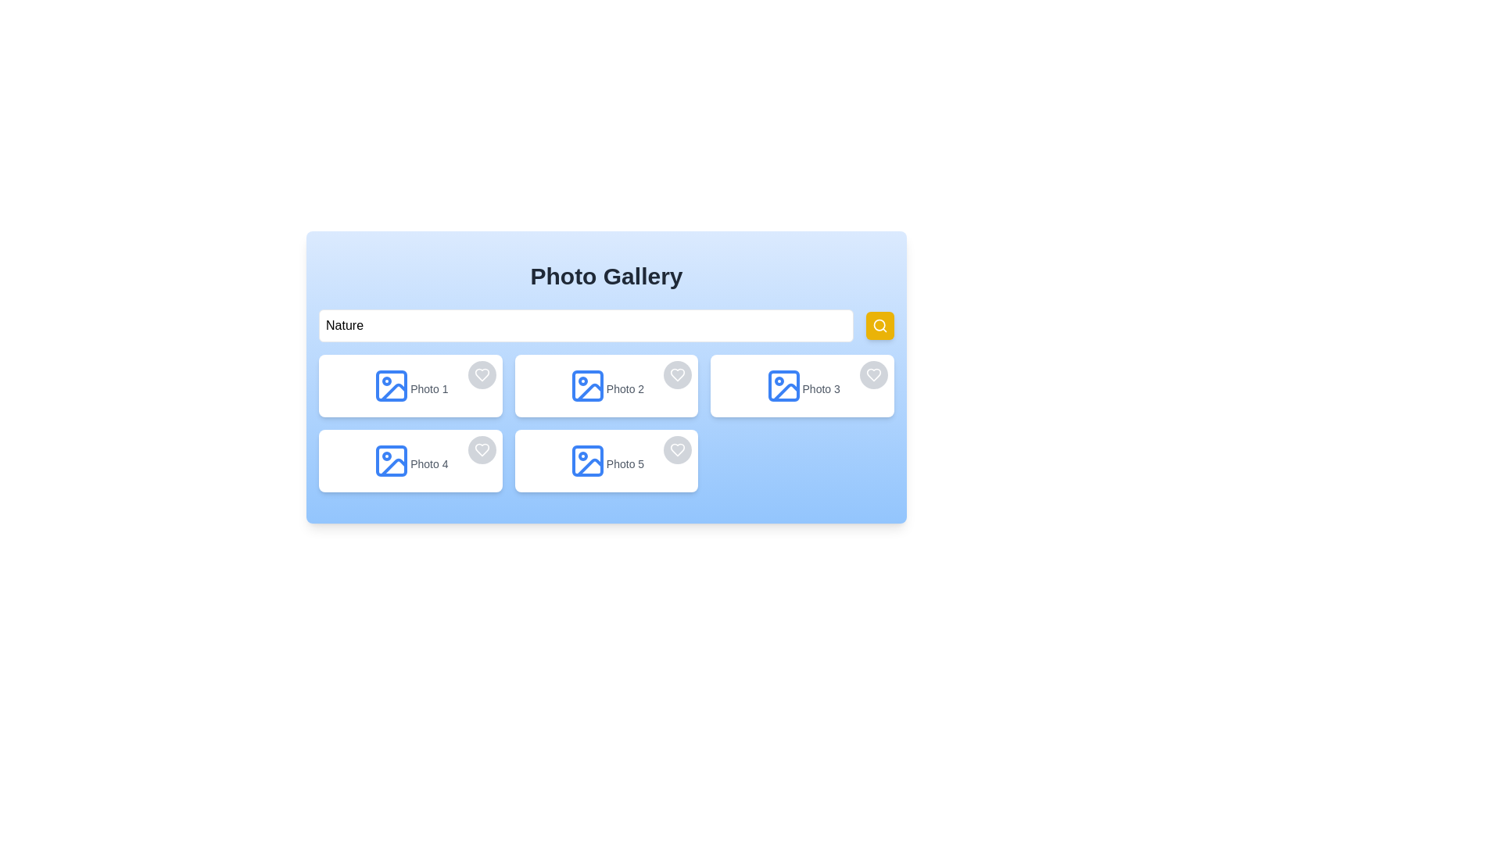 The width and height of the screenshot is (1501, 844). Describe the element at coordinates (678, 374) in the screenshot. I see `the floating 'like' button located at the top-right corner of the card for 'Photo 2'` at that location.